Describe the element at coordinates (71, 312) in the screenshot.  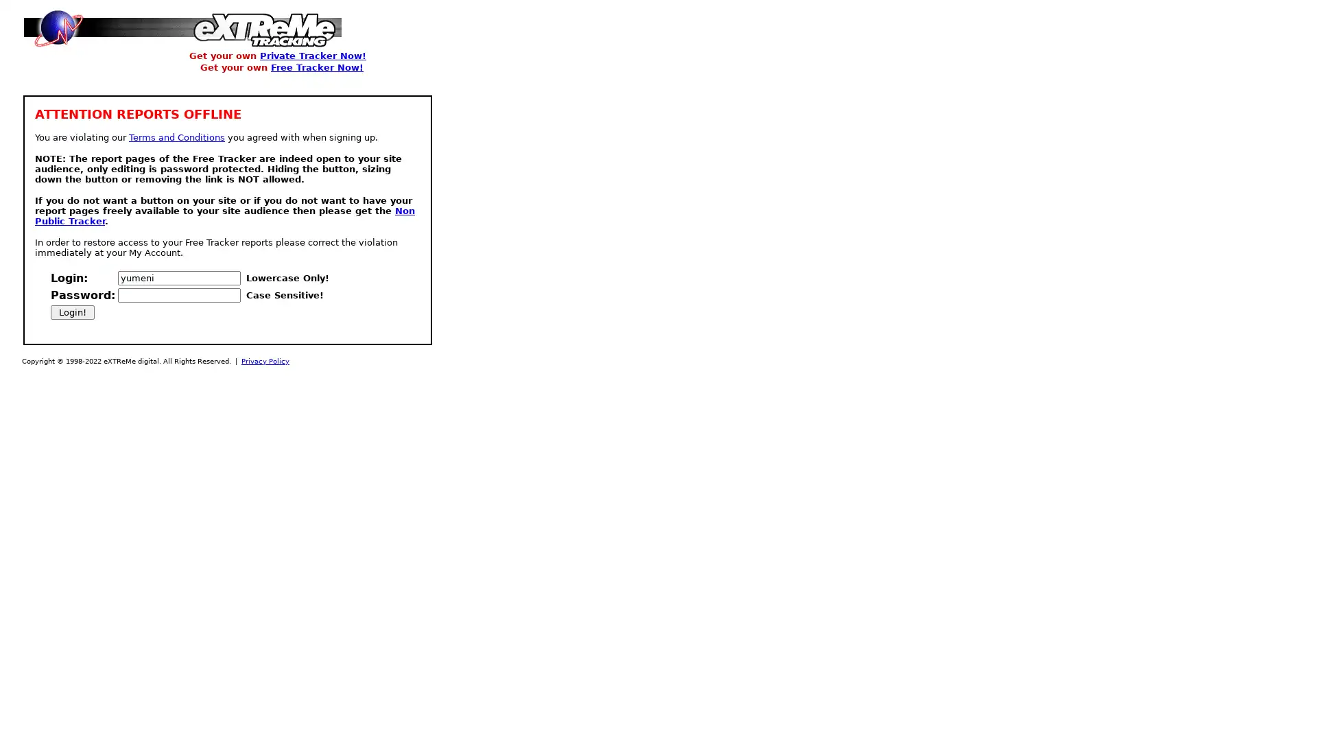
I see `Login!` at that location.